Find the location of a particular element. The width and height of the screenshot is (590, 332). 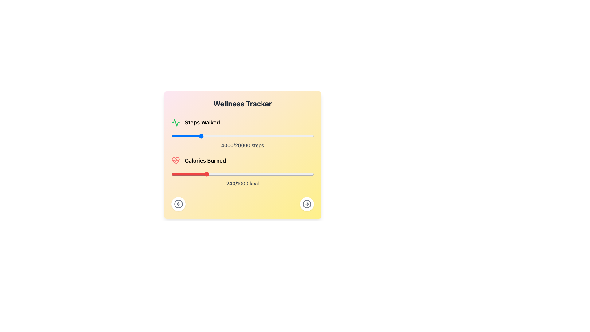

the steps walked is located at coordinates (299, 136).